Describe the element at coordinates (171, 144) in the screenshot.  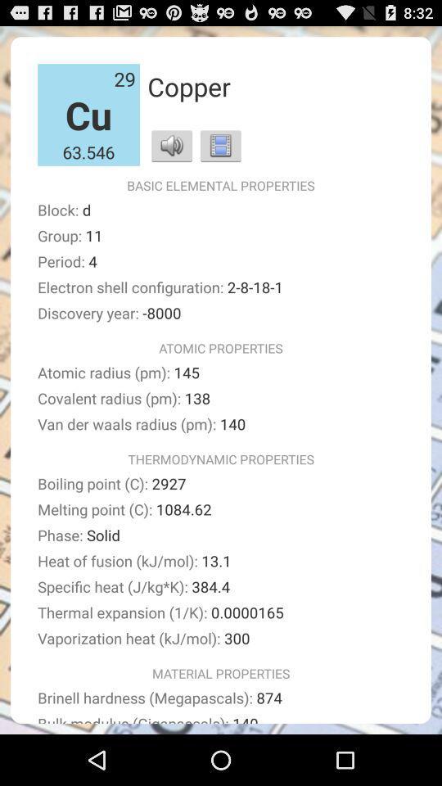
I see `app next to 63.546 icon` at that location.